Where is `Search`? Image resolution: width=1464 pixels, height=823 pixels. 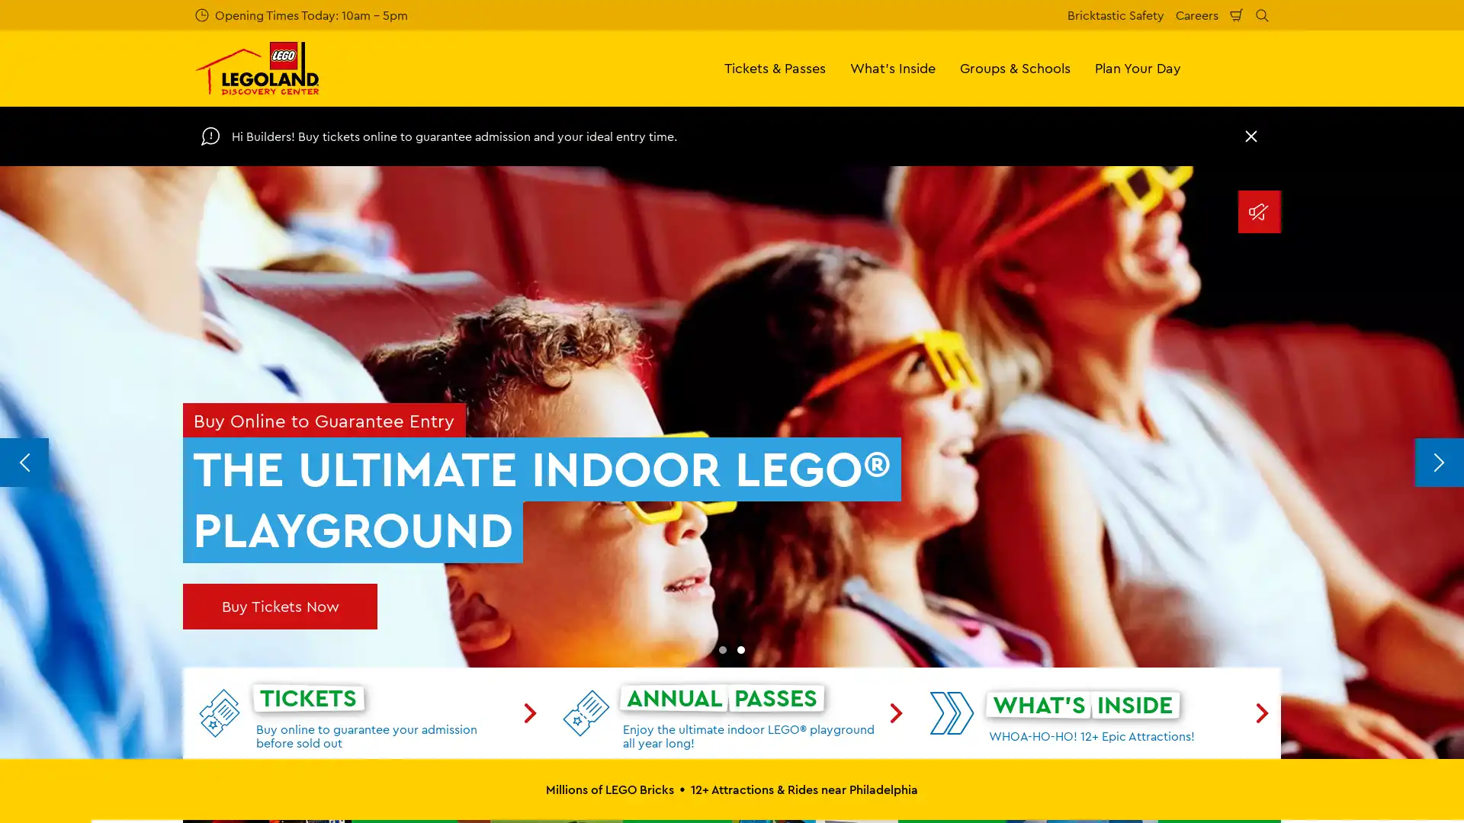 Search is located at coordinates (1262, 14).